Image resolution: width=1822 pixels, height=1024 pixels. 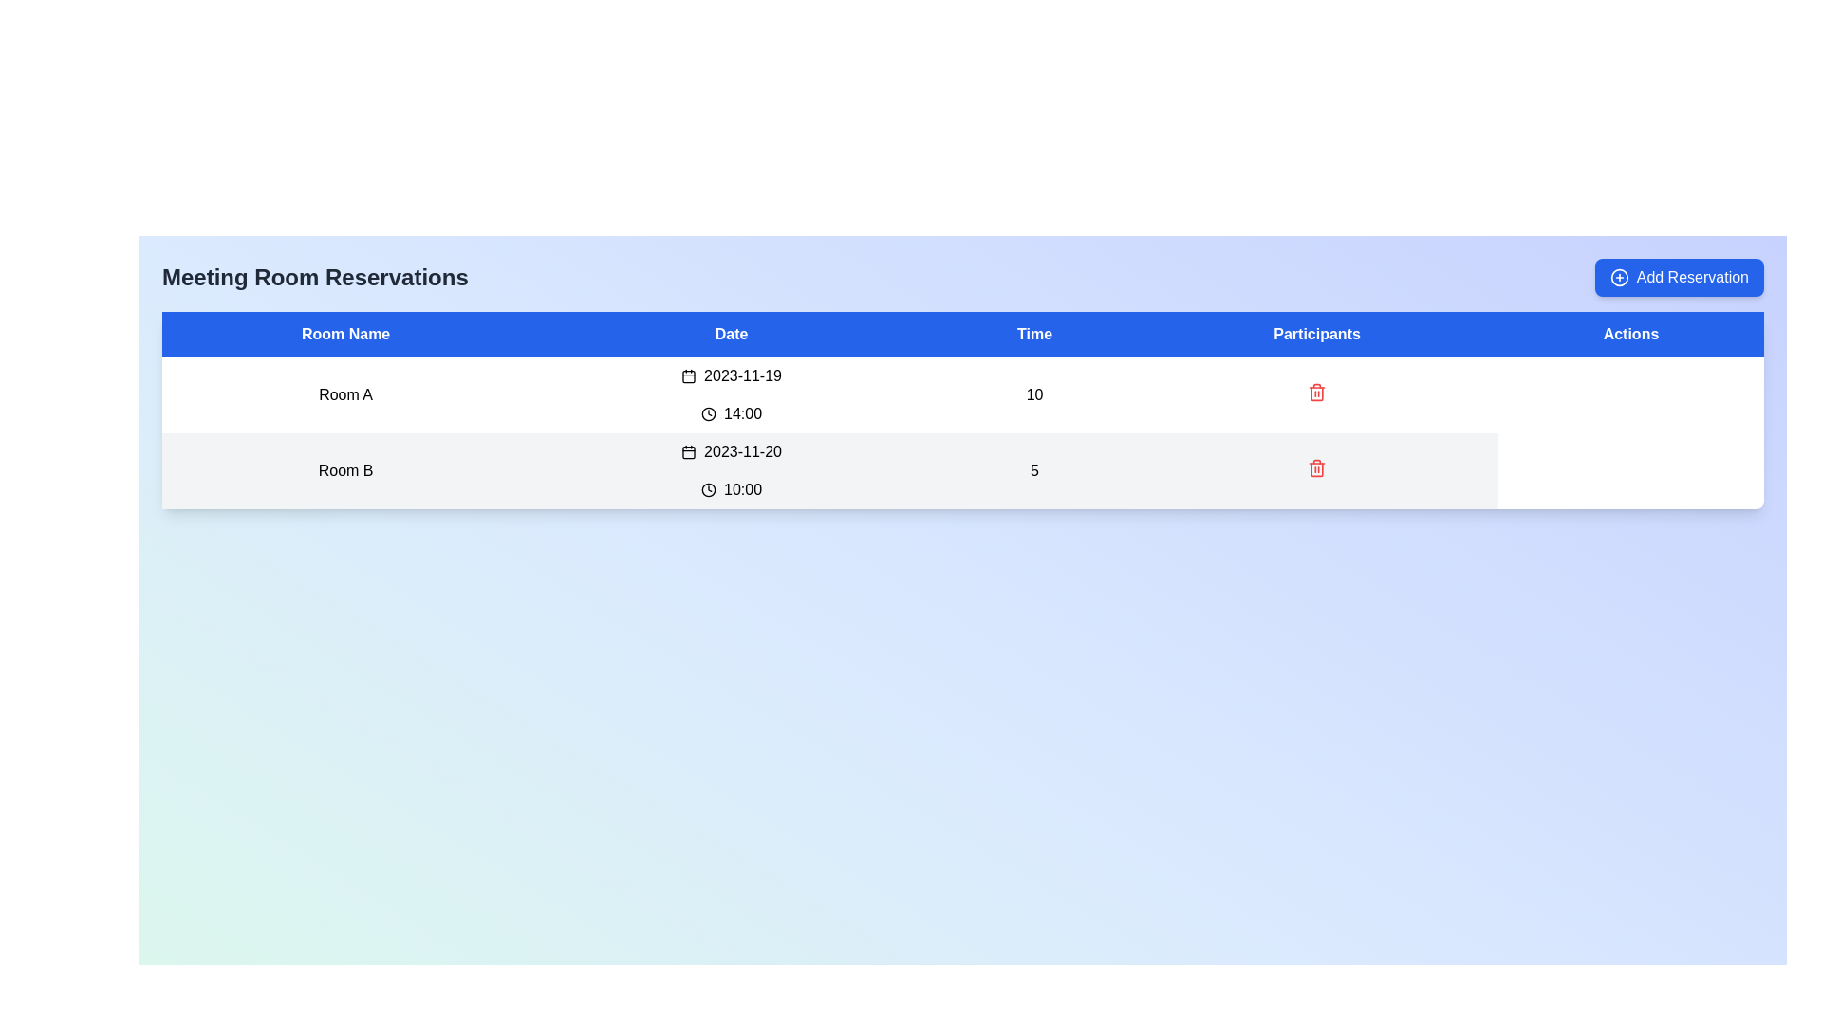 I want to click on the decorative icon within the 'Add Reservation' button located in the top-right corner of the interface, so click(x=1618, y=278).